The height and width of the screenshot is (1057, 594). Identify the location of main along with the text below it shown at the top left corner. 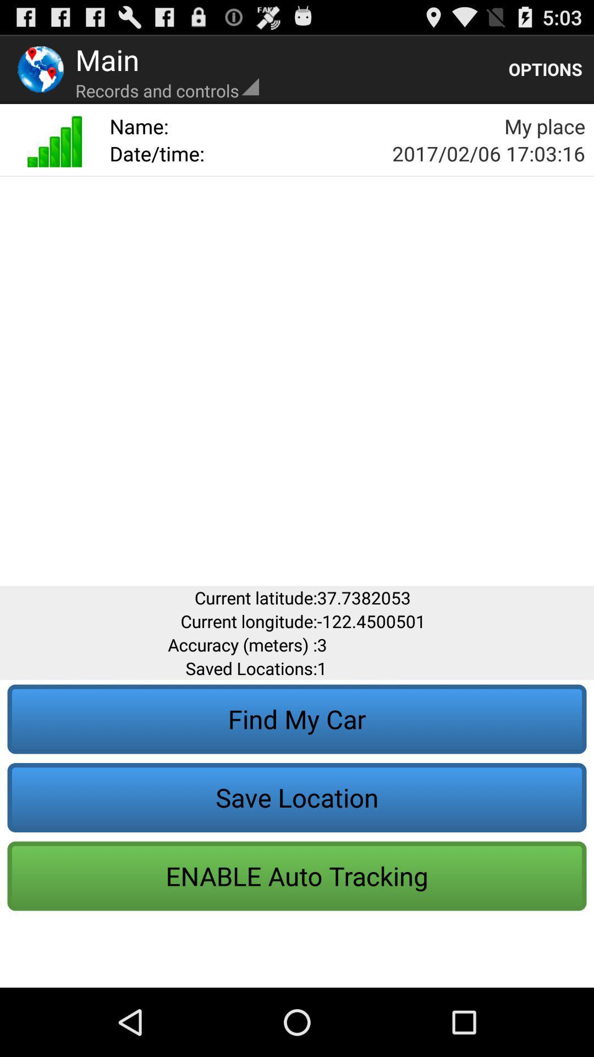
(167, 68).